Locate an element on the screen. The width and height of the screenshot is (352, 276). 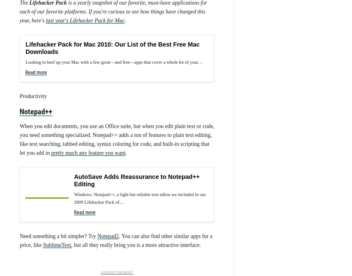
'Gmail Slow or Down for Some, IMAP Still Working' is located at coordinates (98, 74).